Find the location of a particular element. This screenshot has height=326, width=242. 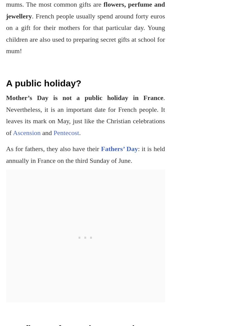

'. French people usually spend around forty euros on a gift for their mothers for that particular day. Young children are also used to preparing secret gifts at school for mum!' is located at coordinates (85, 33).